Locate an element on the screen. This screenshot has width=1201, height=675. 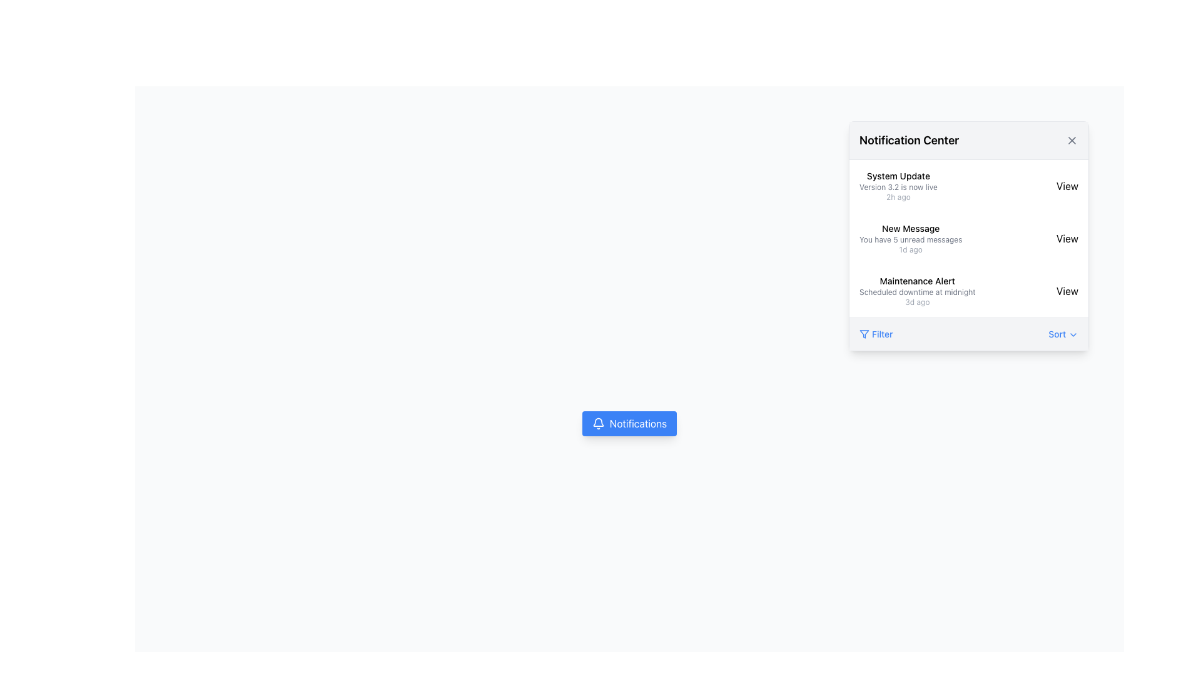
the first Notification entry in the Notification Center, which informs users about the 'System Update' event and contains a clickable 'View' link is located at coordinates (968, 186).